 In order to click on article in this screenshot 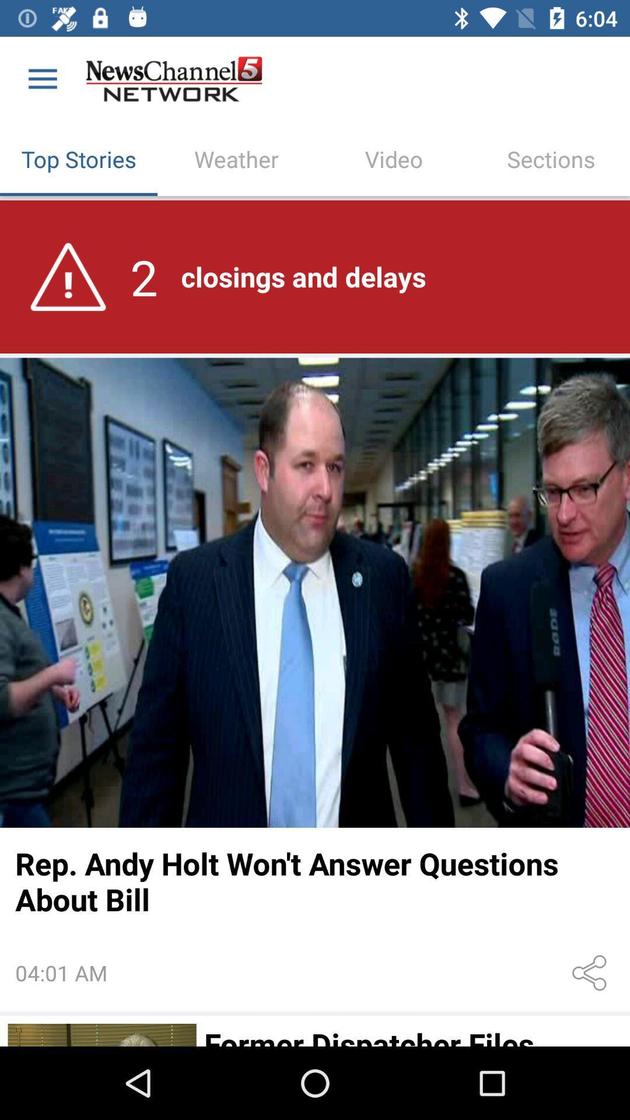, I will do `click(101, 1035)`.